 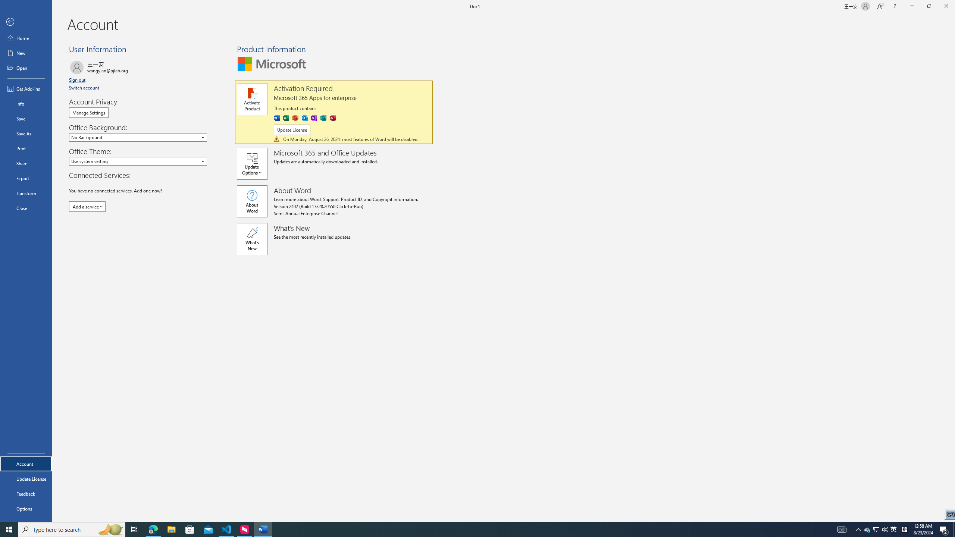 I want to click on 'Excel', so click(x=286, y=117).